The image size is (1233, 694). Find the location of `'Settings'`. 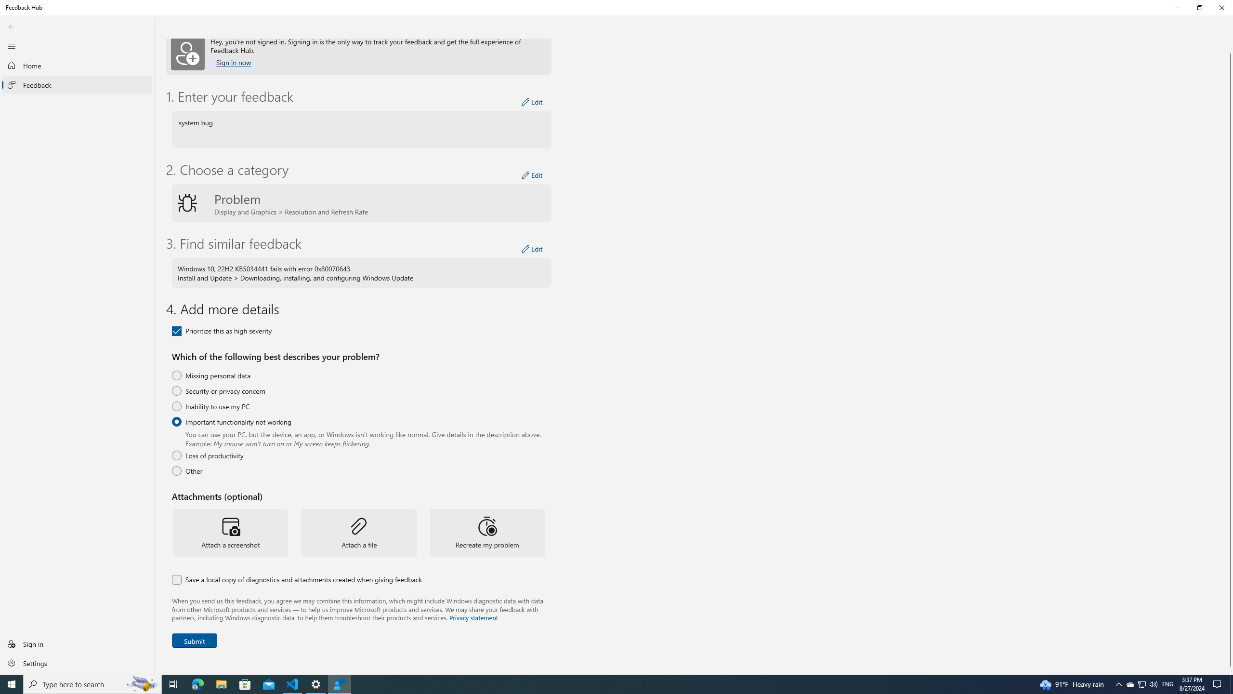

'Settings' is located at coordinates (77, 662).